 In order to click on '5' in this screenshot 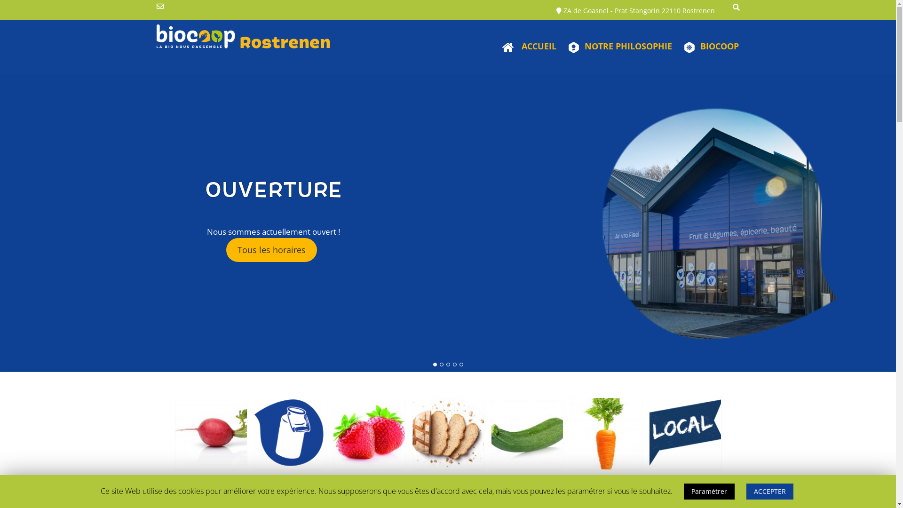, I will do `click(461, 363)`.